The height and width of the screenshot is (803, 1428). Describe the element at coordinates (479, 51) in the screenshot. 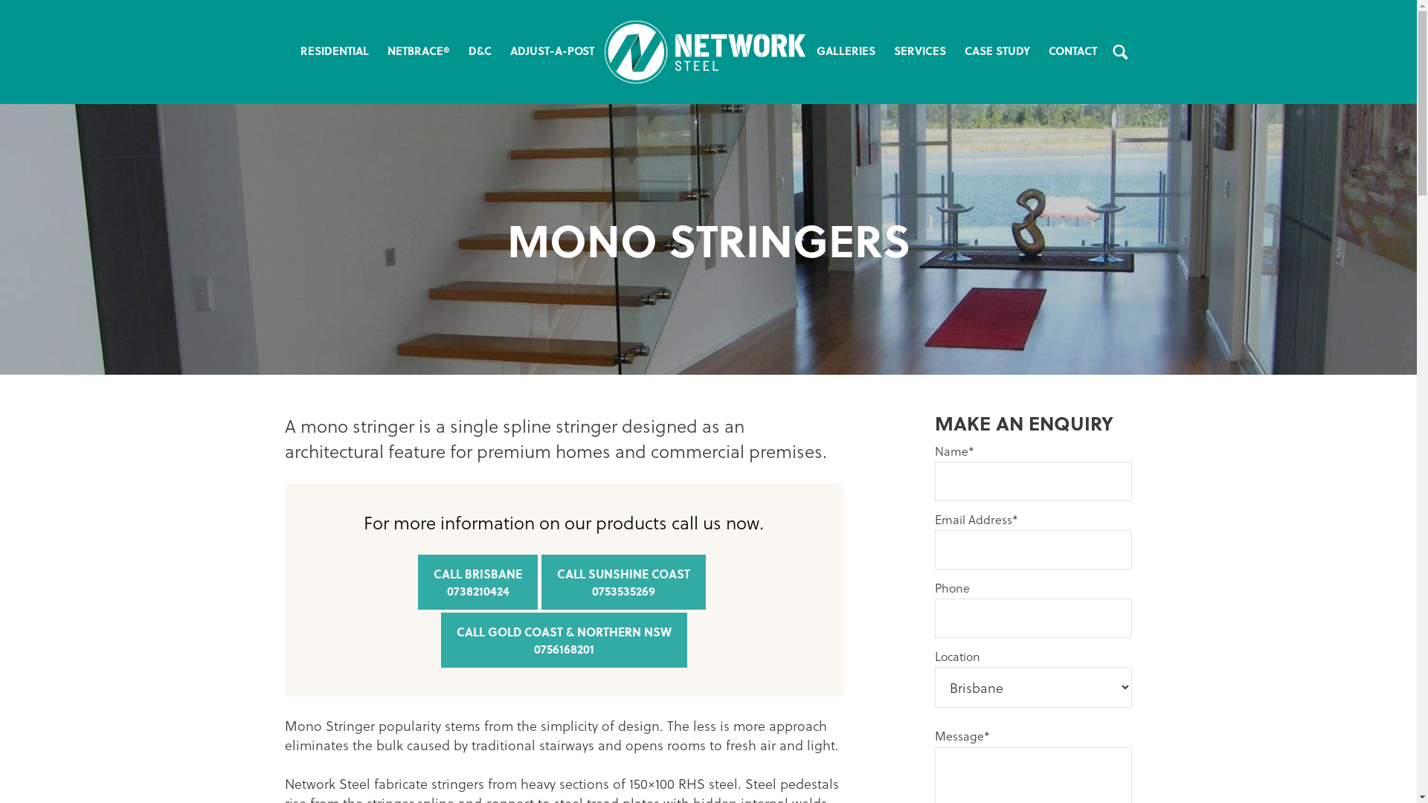

I see `'D&C'` at that location.